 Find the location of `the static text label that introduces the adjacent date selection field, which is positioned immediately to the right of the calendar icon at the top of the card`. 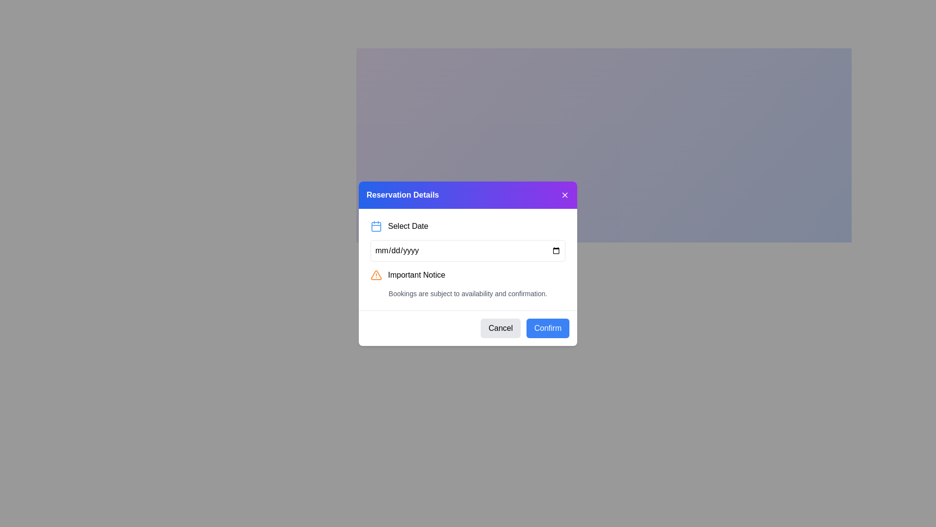

the static text label that introduces the adjacent date selection field, which is positioned immediately to the right of the calendar icon at the top of the card is located at coordinates (408, 226).